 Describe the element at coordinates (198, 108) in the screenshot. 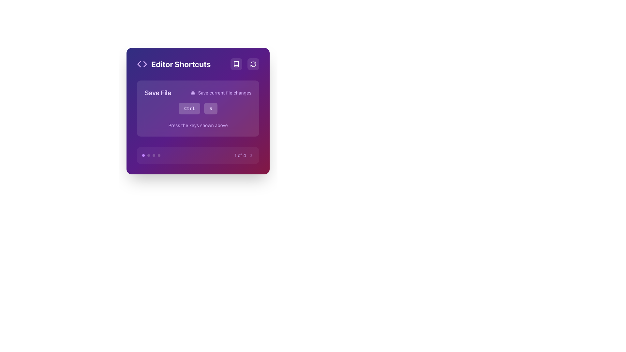

I see `the Combination key indicator component, which visually indicates the keyboard shortcut for saving changes, positioned under 'Save FileSave current file changes' and above 'Press the keys shown above'` at that location.